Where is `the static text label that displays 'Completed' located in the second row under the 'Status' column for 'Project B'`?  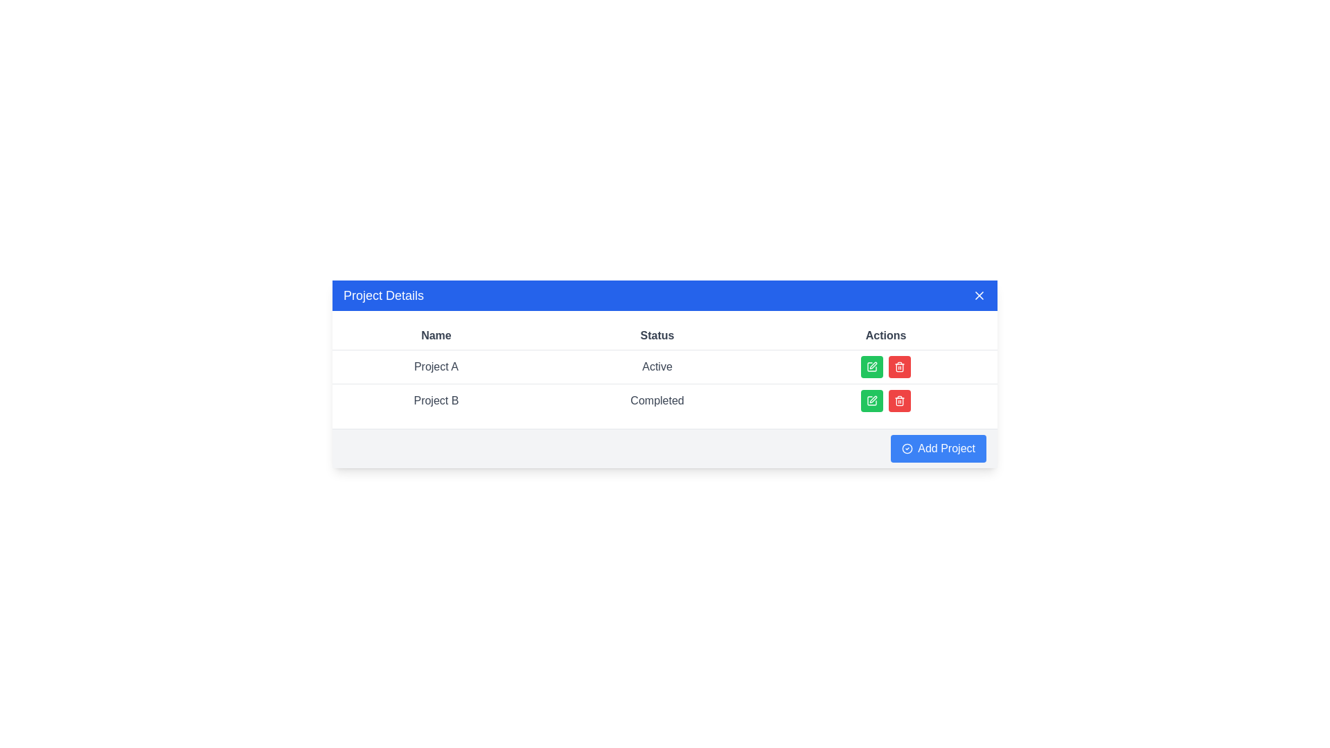
the static text label that displays 'Completed' located in the second row under the 'Status' column for 'Project B' is located at coordinates (657, 400).